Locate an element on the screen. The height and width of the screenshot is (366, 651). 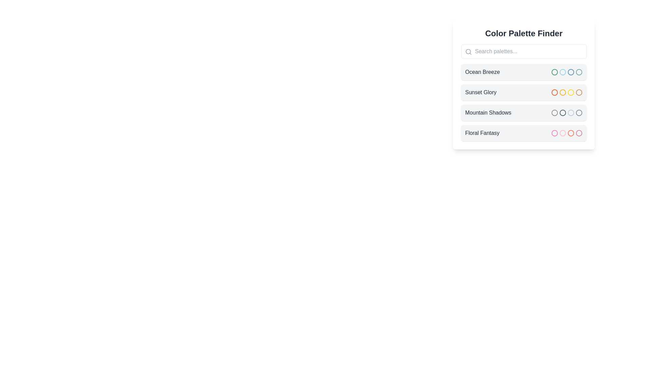
the SVG-styled circle indicator for the 'Ocean Breeze' color palette is located at coordinates (579, 72).